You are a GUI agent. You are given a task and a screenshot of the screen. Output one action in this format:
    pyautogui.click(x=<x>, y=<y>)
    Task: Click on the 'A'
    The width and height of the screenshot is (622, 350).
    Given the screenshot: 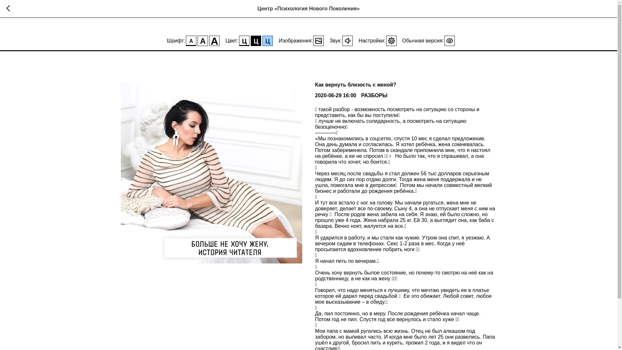 What is the action you would take?
    pyautogui.click(x=202, y=41)
    